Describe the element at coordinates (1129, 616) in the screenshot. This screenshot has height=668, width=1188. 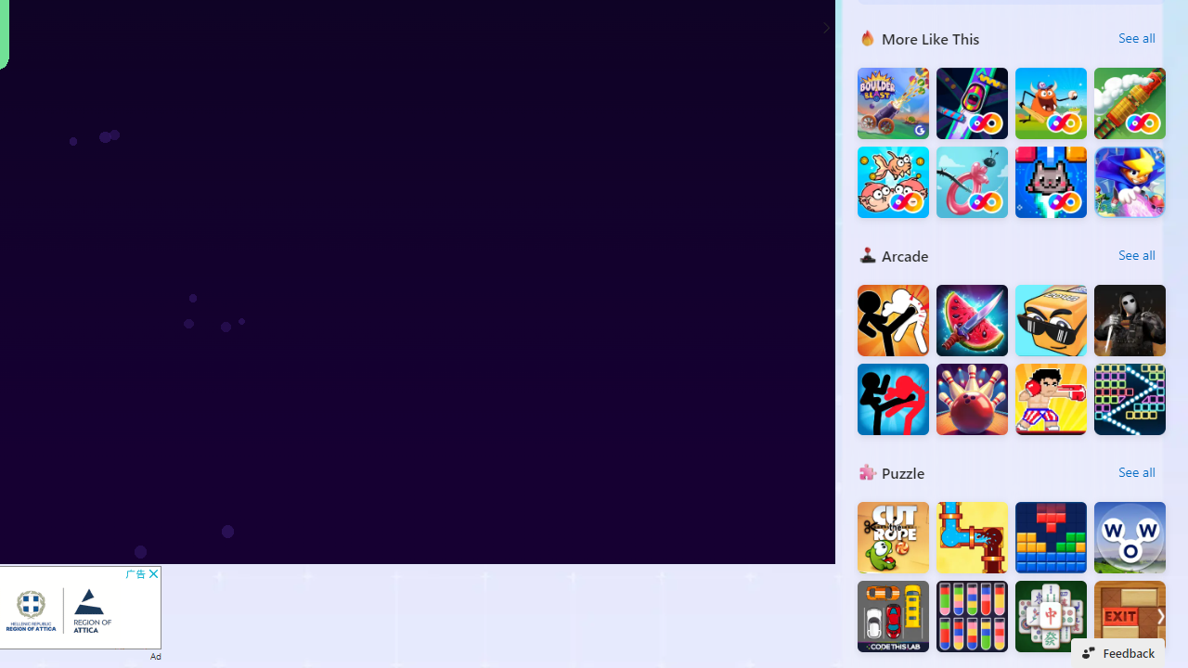
I see `'EXIT : unblock red wood block'` at that location.